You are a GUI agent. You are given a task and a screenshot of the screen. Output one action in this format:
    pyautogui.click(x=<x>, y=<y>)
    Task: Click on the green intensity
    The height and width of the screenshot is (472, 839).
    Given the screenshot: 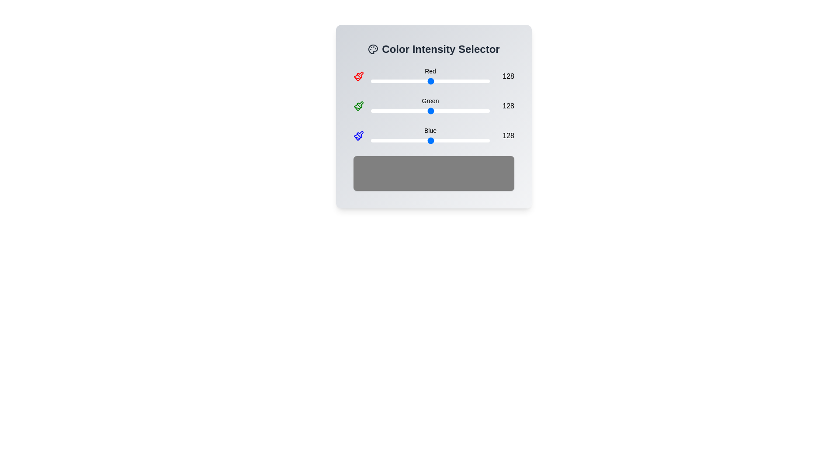 What is the action you would take?
    pyautogui.click(x=419, y=111)
    